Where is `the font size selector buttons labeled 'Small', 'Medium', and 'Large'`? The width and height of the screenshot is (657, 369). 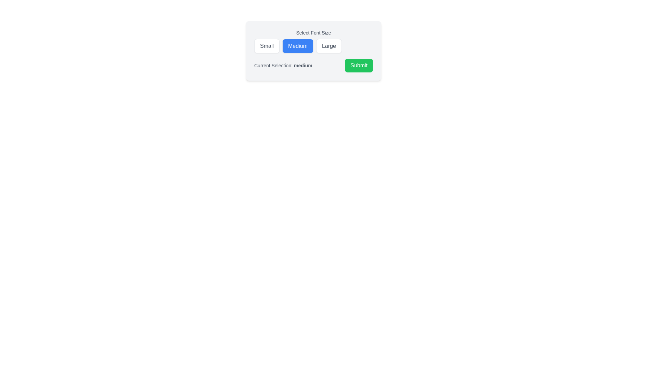
the font size selector buttons labeled 'Small', 'Medium', and 'Large' is located at coordinates (313, 41).